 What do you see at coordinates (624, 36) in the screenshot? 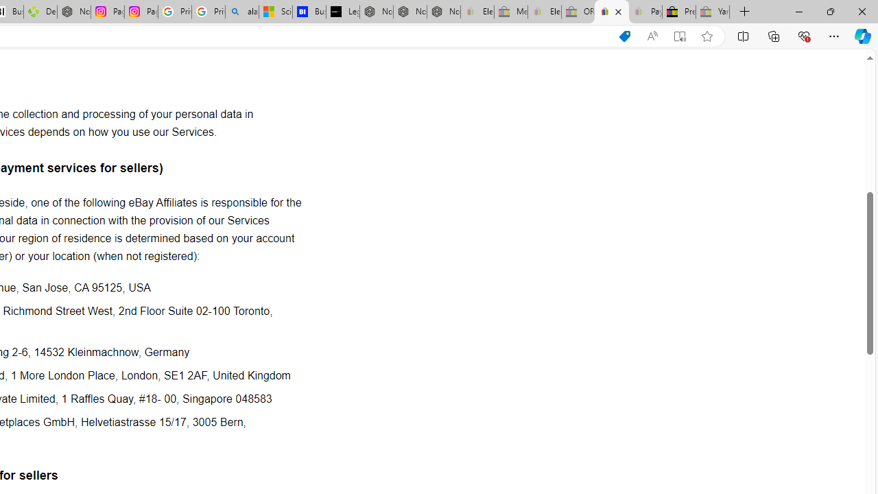
I see `'This site has coupons! Shopping in Microsoft Edge'` at bounding box center [624, 36].